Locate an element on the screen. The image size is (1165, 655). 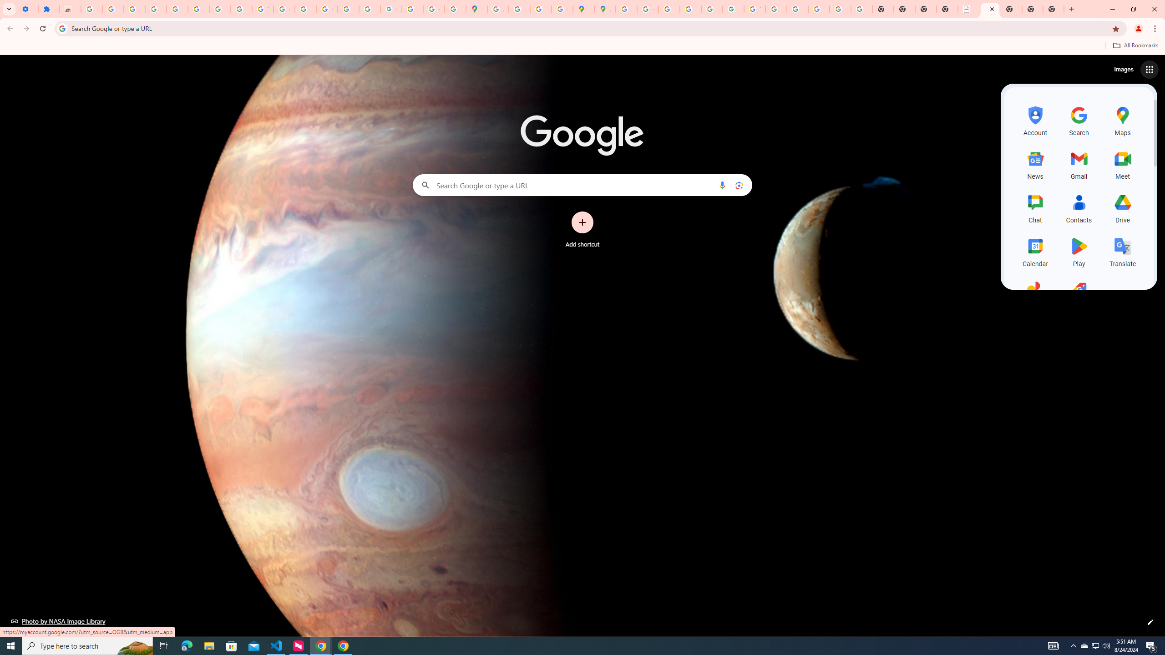
'Delete photos & videos - Computer - Google Photos Help' is located at coordinates (134, 9).